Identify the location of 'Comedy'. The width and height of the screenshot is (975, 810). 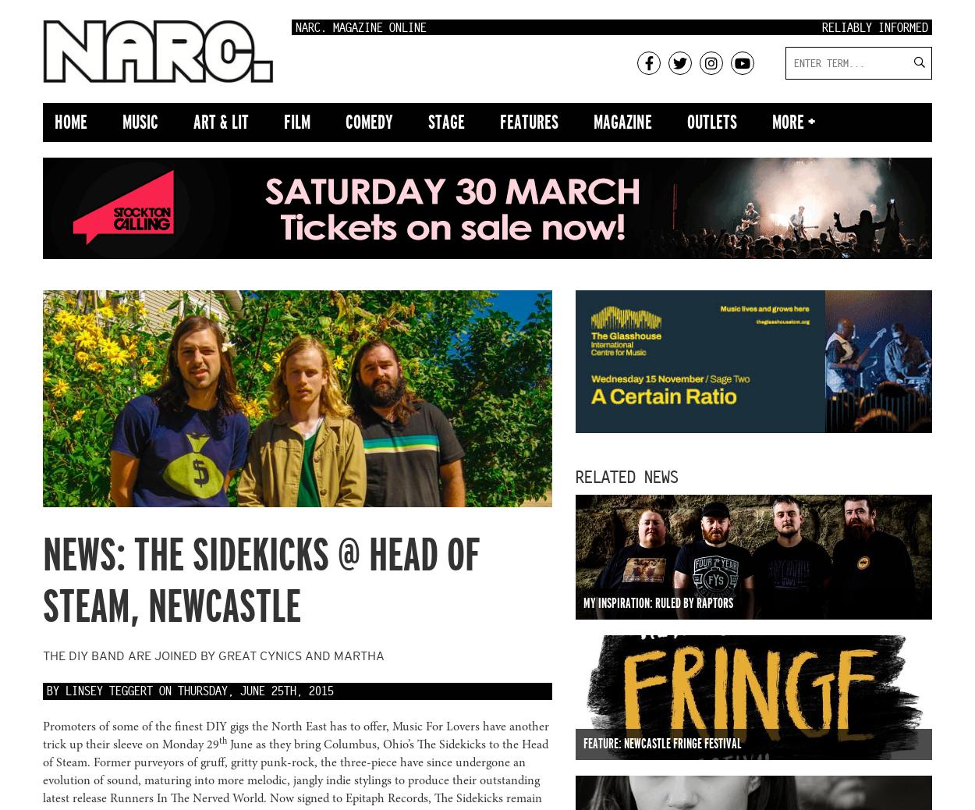
(368, 121).